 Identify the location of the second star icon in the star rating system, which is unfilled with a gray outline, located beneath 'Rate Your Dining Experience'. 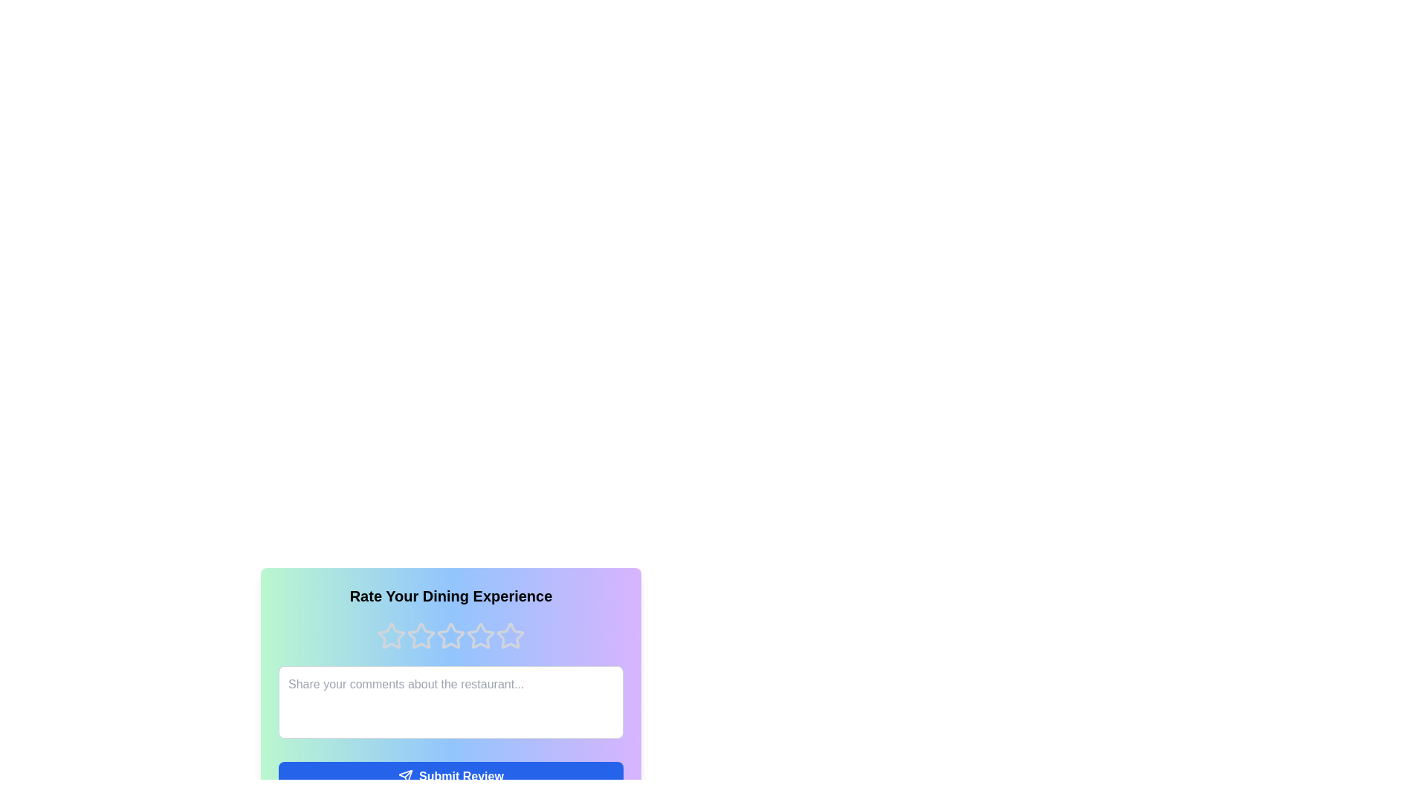
(420, 635).